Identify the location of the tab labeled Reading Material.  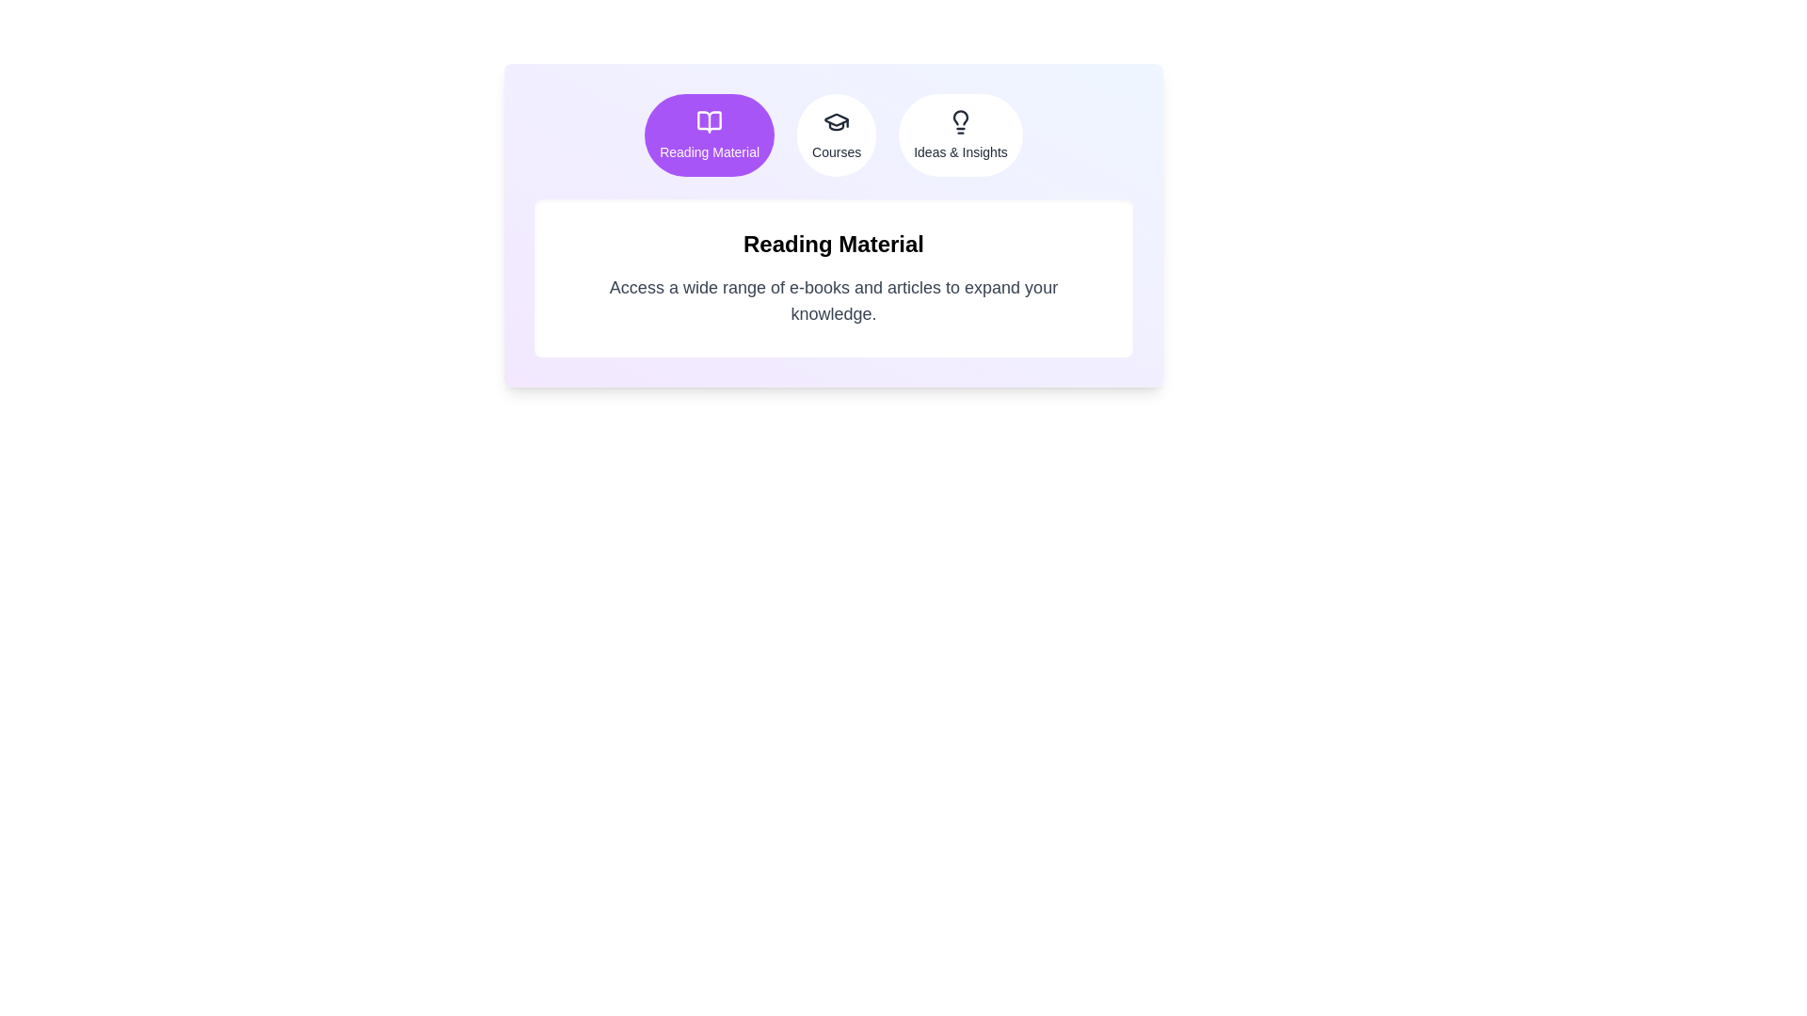
(709, 134).